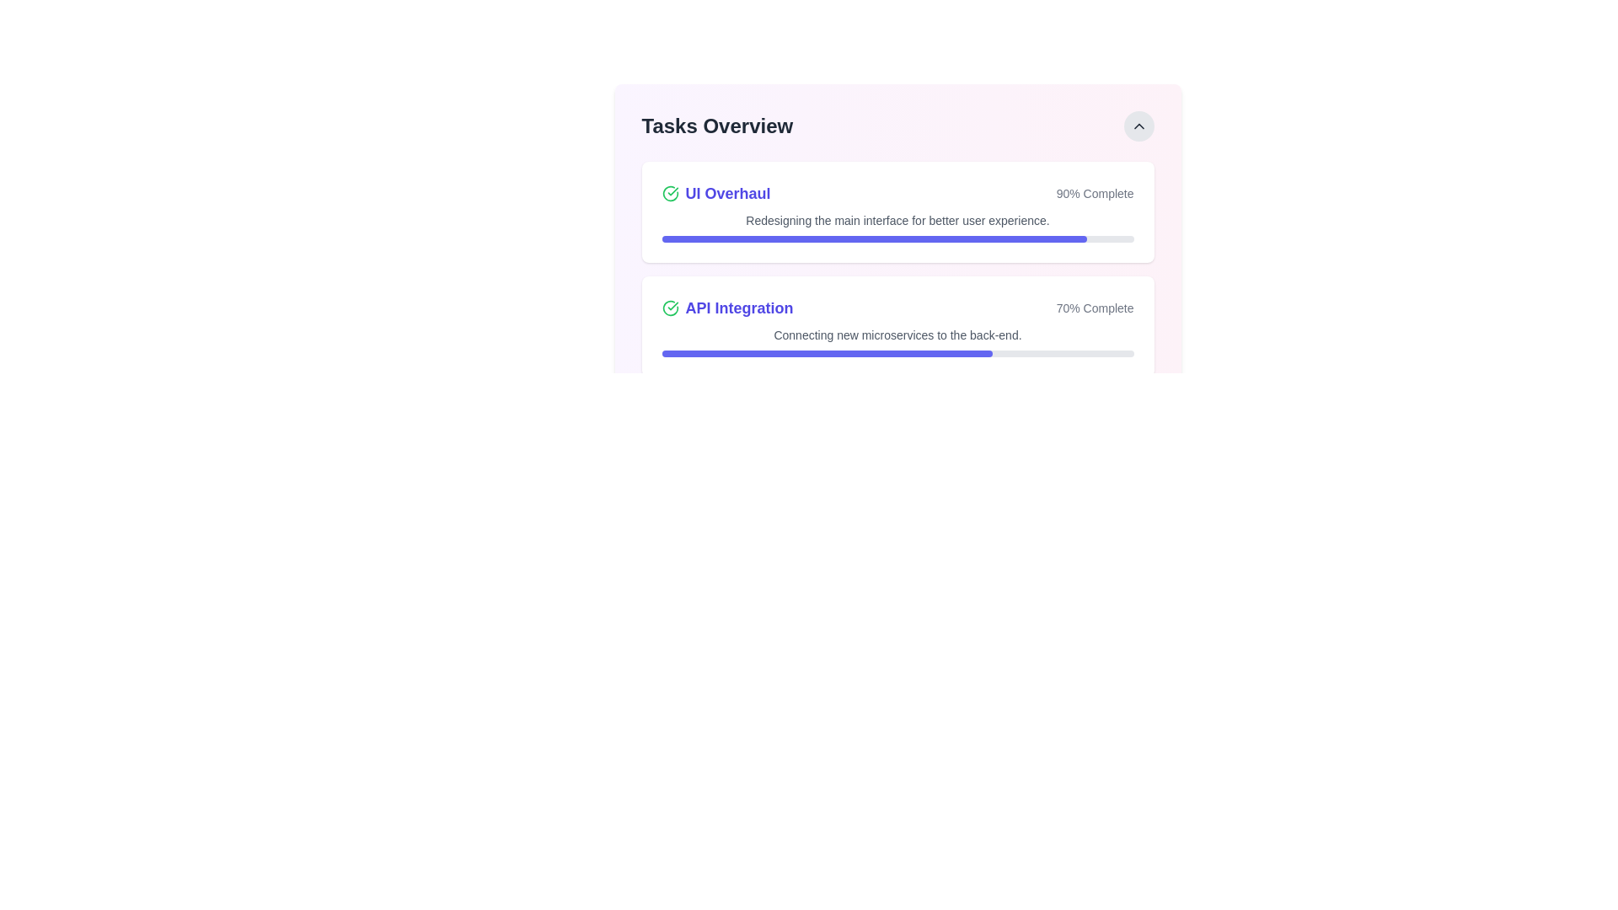 Image resolution: width=1618 pixels, height=910 pixels. What do you see at coordinates (715, 193) in the screenshot?
I see `the text field displaying 'UI Overhaul' which is styled with a bold, larger indigo font and has a green circle-check icon to its left, indicating completion` at bounding box center [715, 193].